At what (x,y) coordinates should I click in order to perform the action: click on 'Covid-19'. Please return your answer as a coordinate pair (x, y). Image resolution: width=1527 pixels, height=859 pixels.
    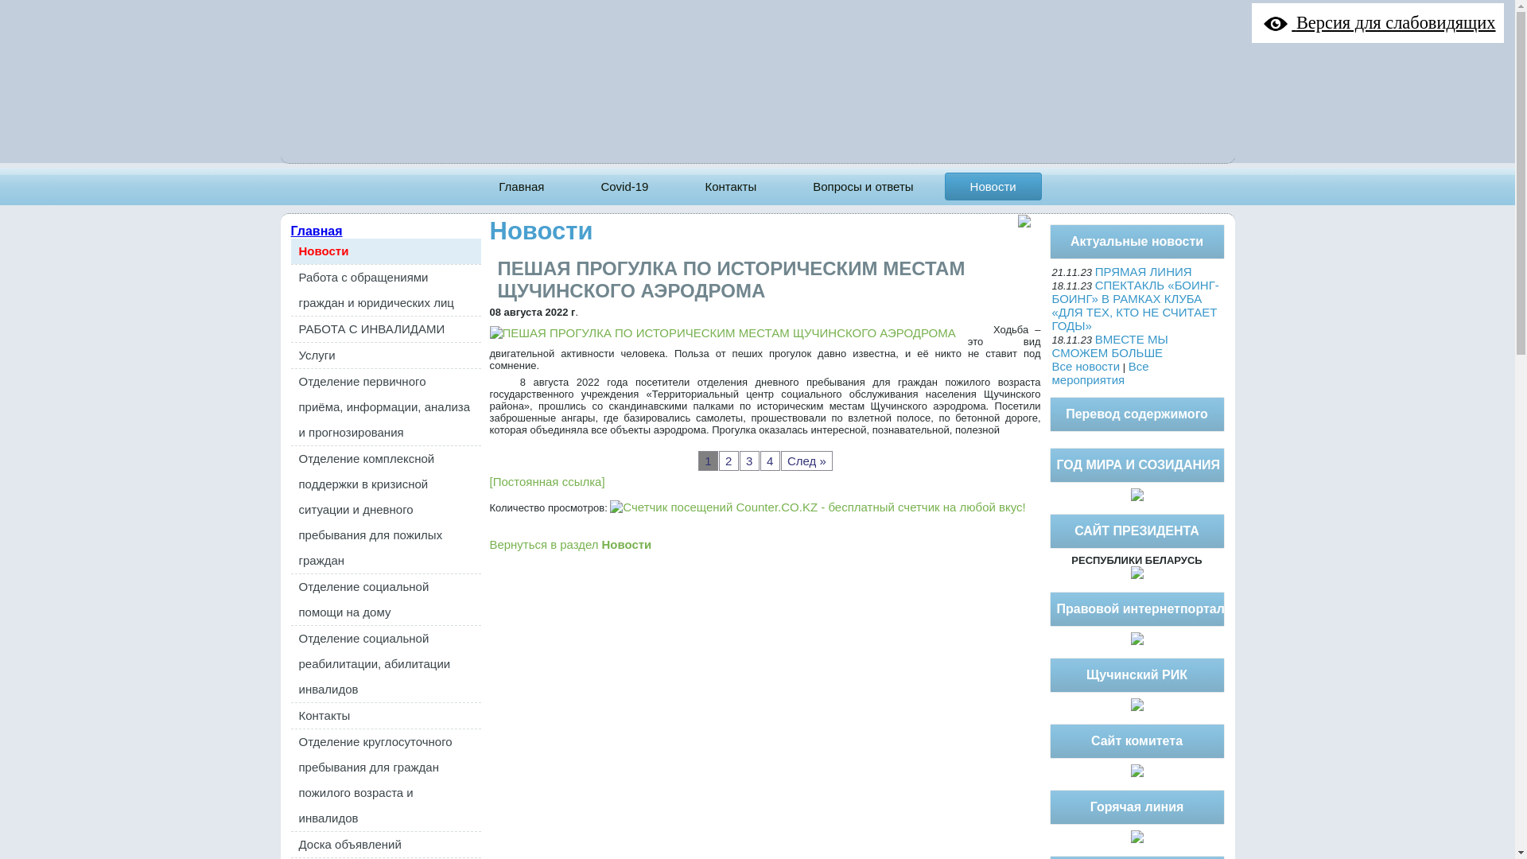
    Looking at the image, I should click on (624, 185).